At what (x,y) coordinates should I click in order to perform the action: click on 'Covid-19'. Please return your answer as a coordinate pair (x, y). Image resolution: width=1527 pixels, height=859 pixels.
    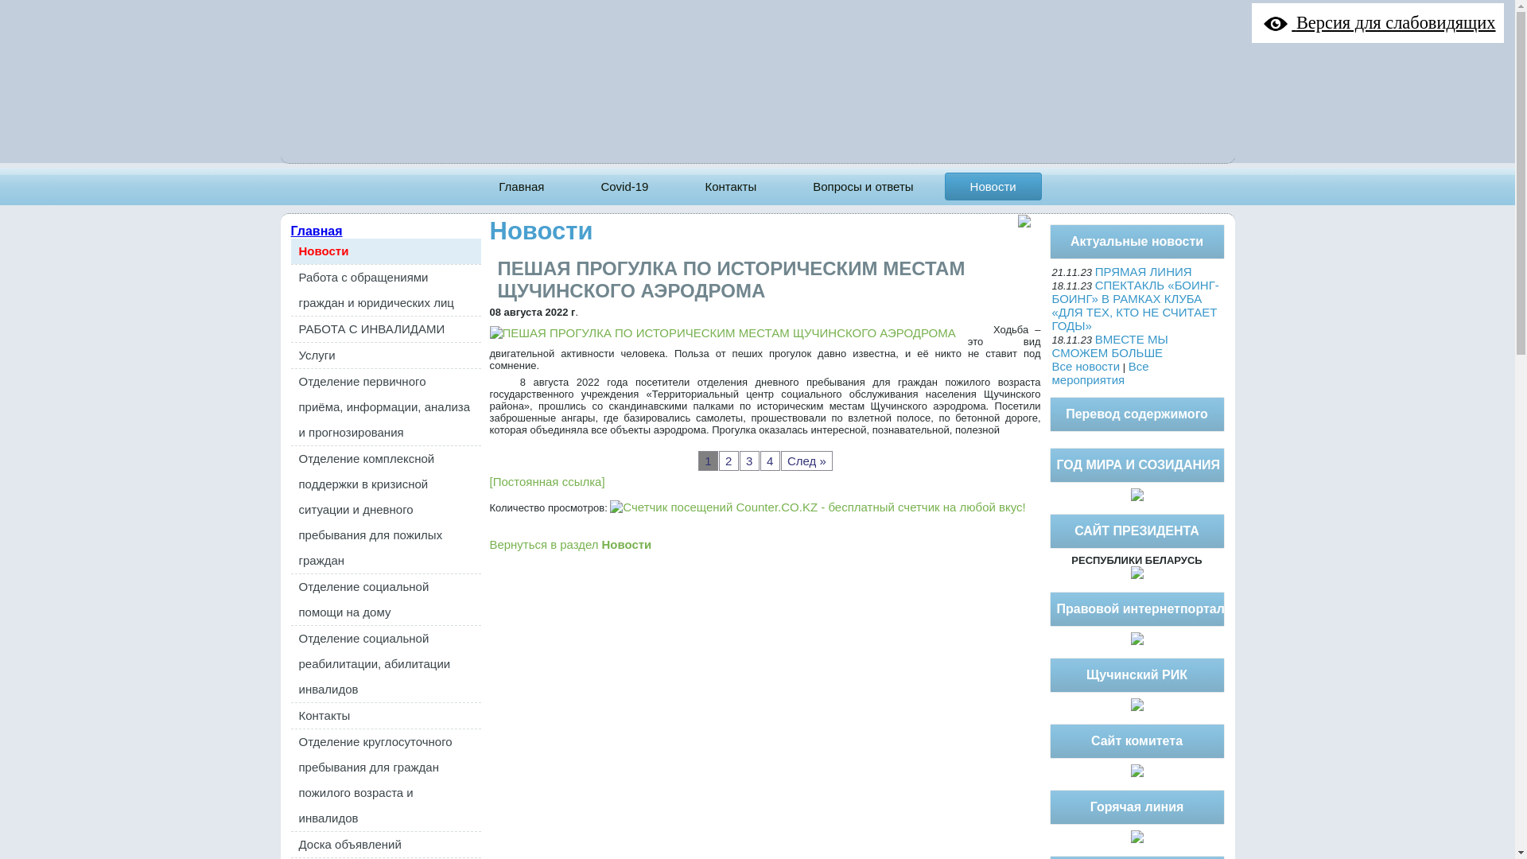
    Looking at the image, I should click on (624, 185).